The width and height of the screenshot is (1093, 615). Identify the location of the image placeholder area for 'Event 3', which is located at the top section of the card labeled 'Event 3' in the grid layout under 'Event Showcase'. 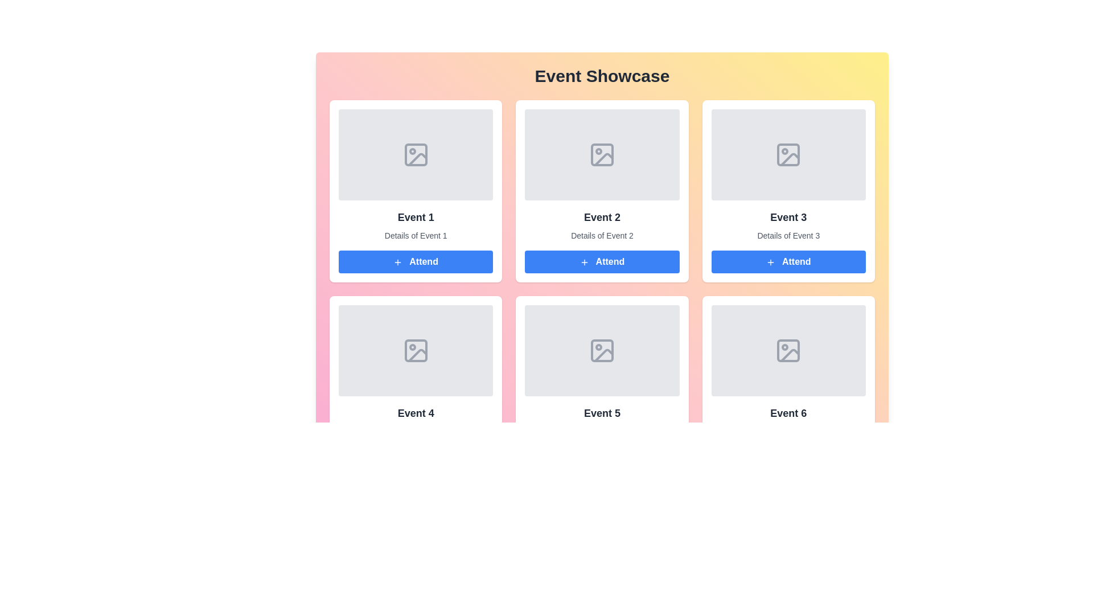
(788, 155).